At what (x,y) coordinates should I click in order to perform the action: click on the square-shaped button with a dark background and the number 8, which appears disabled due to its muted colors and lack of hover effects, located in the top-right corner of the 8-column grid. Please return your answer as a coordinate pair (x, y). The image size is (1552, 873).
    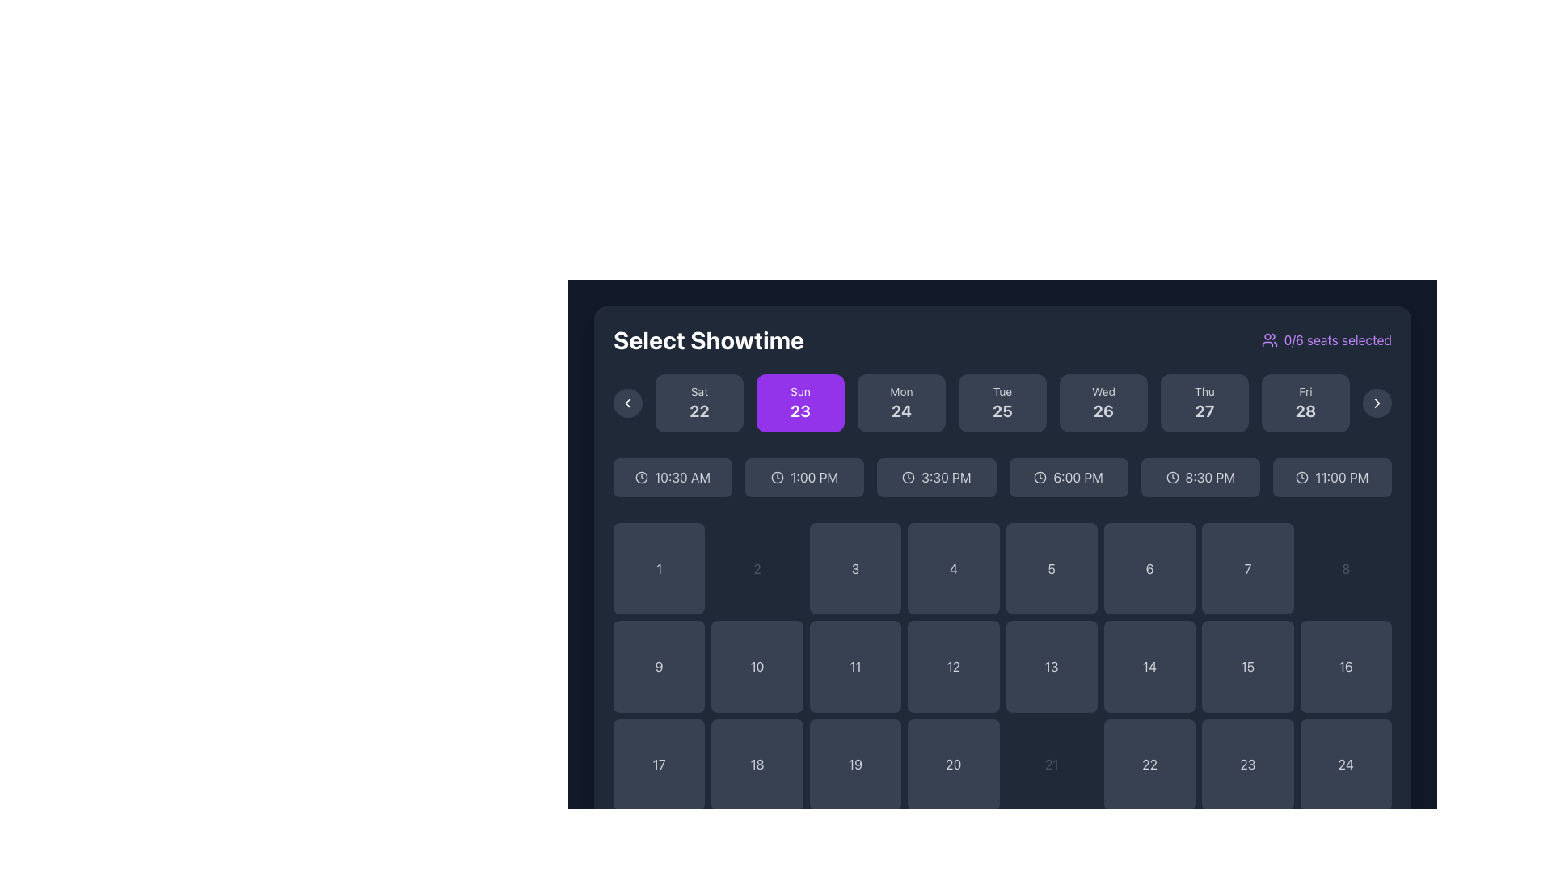
    Looking at the image, I should click on (1346, 567).